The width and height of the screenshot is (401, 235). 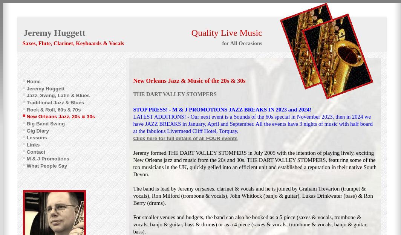 I want to click on 'For smaller venues and budgets, the band can also be booked as a 5 piece (saxes & vocals, trombone & vocals, banjo & guitar, bass & drums) or as a 4 piece (saxes & vocals, trombone & vocals, banjo & guitar, bass).', so click(x=250, y=224).